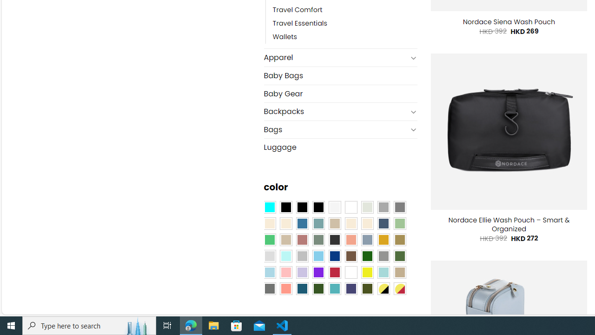 Image resolution: width=595 pixels, height=335 pixels. Describe the element at coordinates (285, 288) in the screenshot. I see `'Peach Pink'` at that location.